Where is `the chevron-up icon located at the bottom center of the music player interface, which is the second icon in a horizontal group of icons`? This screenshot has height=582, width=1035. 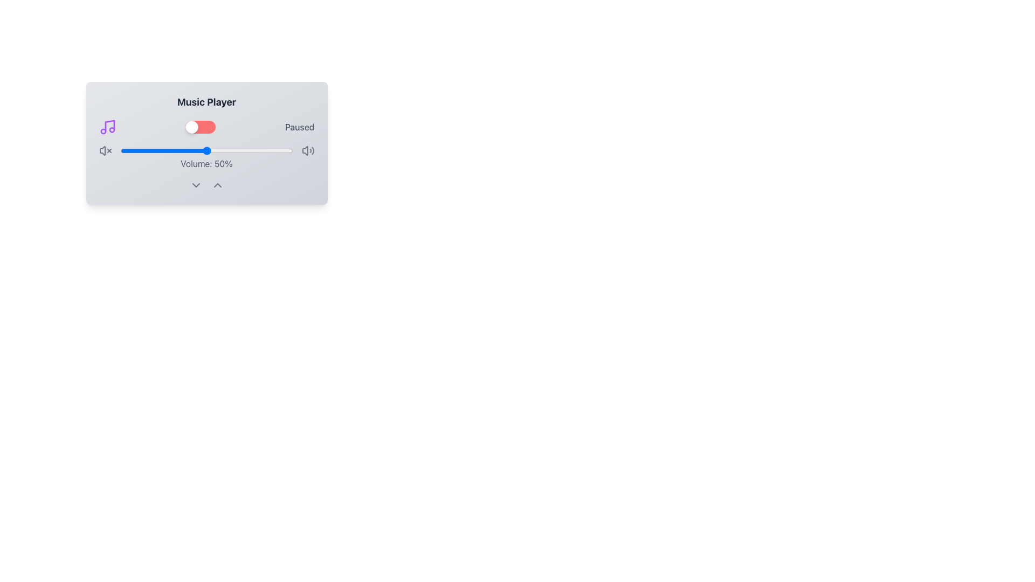 the chevron-up icon located at the bottom center of the music player interface, which is the second icon in a horizontal group of icons is located at coordinates (217, 184).